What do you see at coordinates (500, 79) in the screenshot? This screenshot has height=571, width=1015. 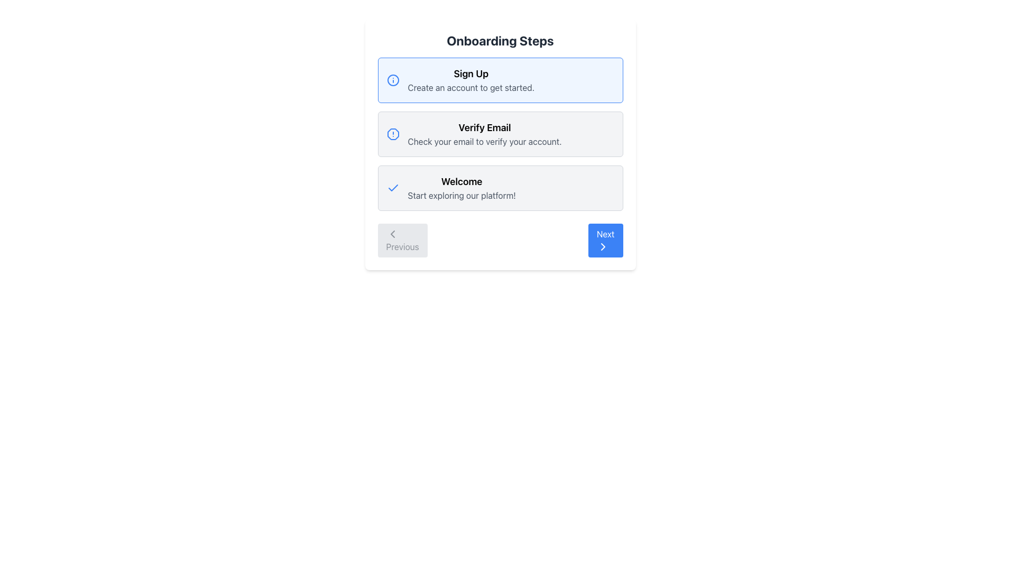 I see `the introductory onboarding card located at the top of the three vertically stacked sections in the central interface` at bounding box center [500, 79].